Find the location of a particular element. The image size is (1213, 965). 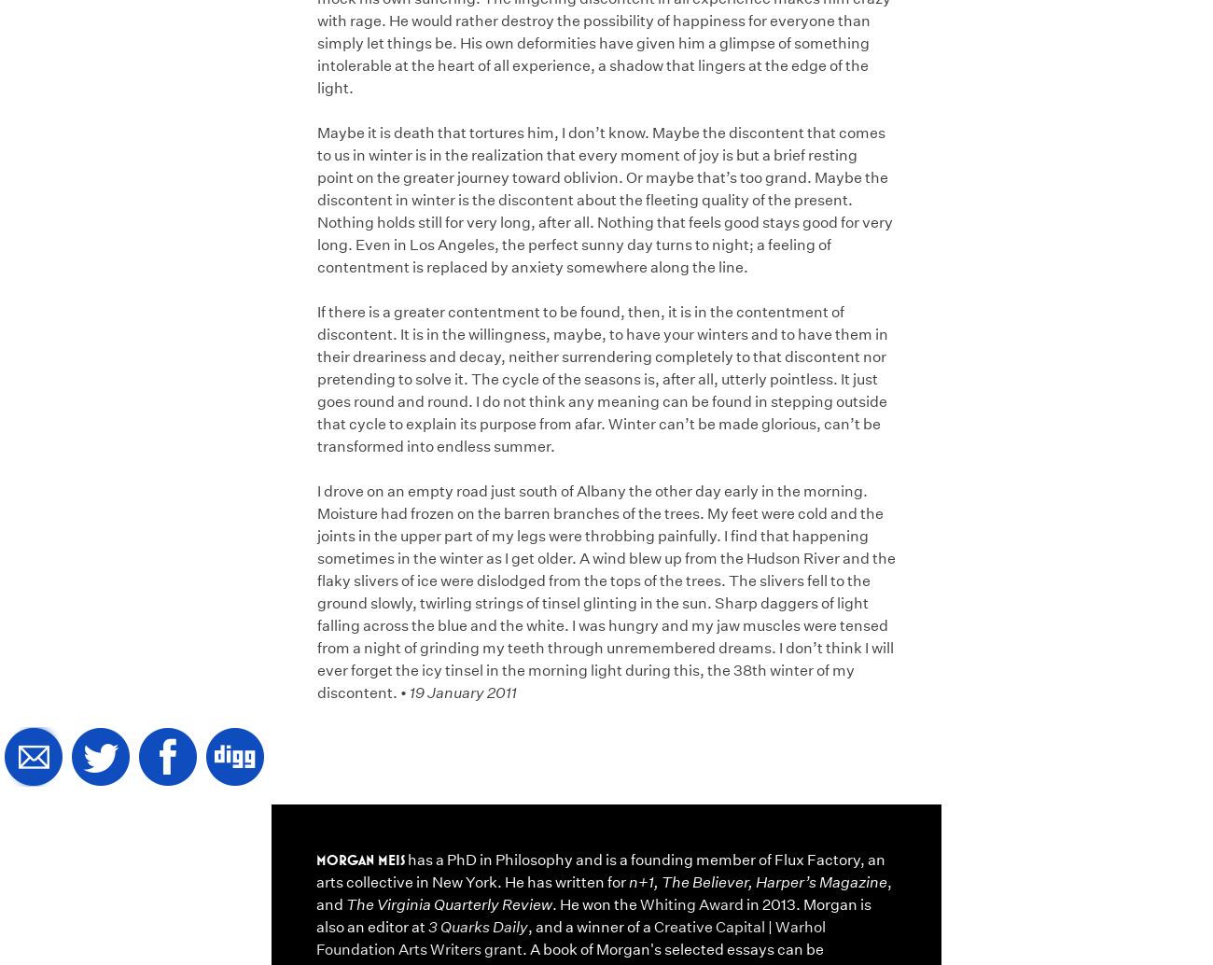

'3 Quarks Daily' is located at coordinates (427, 925).